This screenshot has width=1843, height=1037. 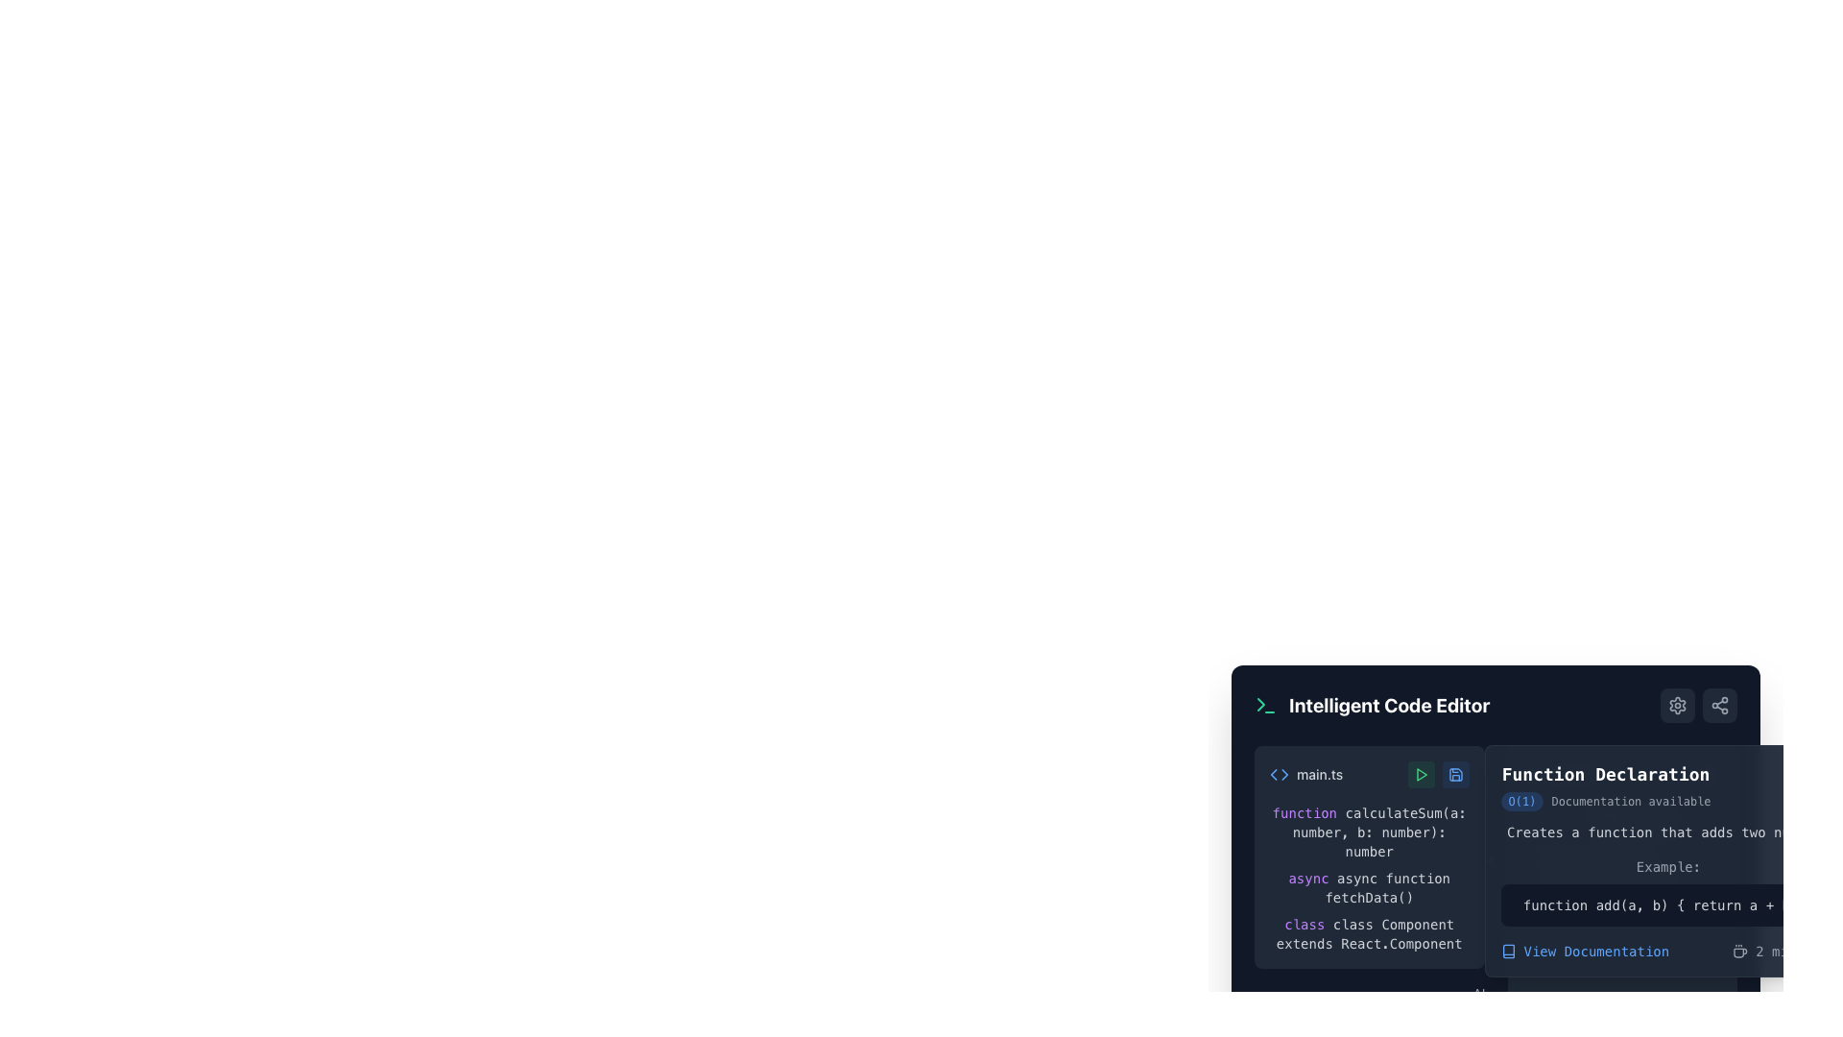 I want to click on the Text display that shows a line of code related to class definitions, located at the bottom of a section of code snippets, so click(x=1368, y=932).